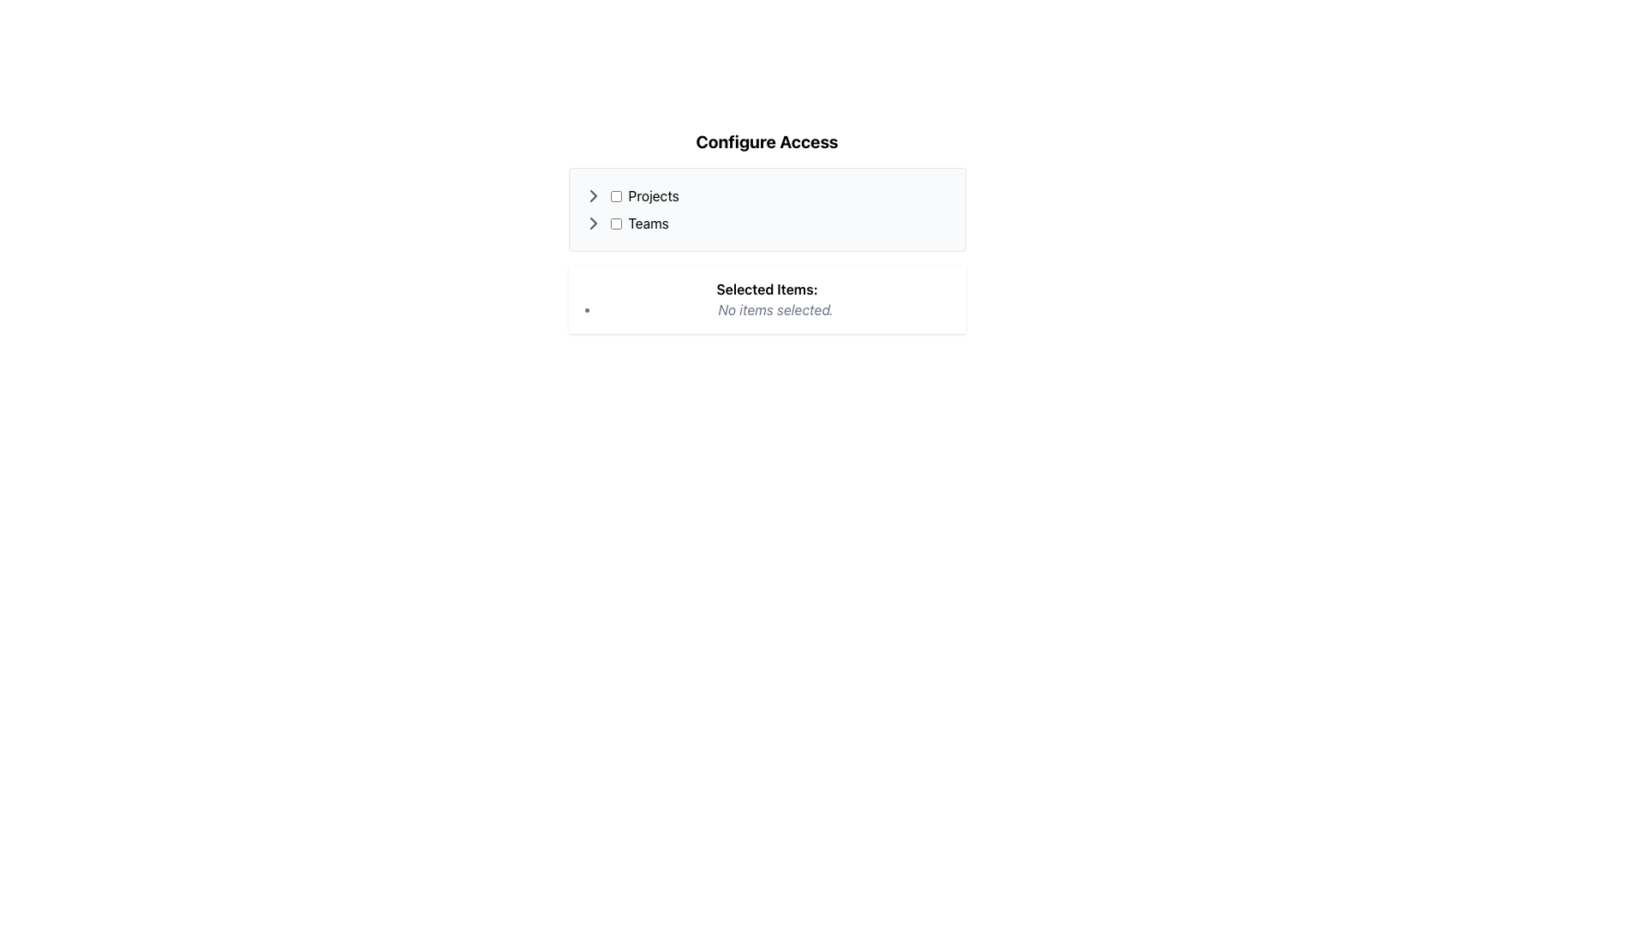  What do you see at coordinates (766, 299) in the screenshot?
I see `the Information display box that indicates no items have been selected, located below the 'Projects' and 'Teams' section` at bounding box center [766, 299].